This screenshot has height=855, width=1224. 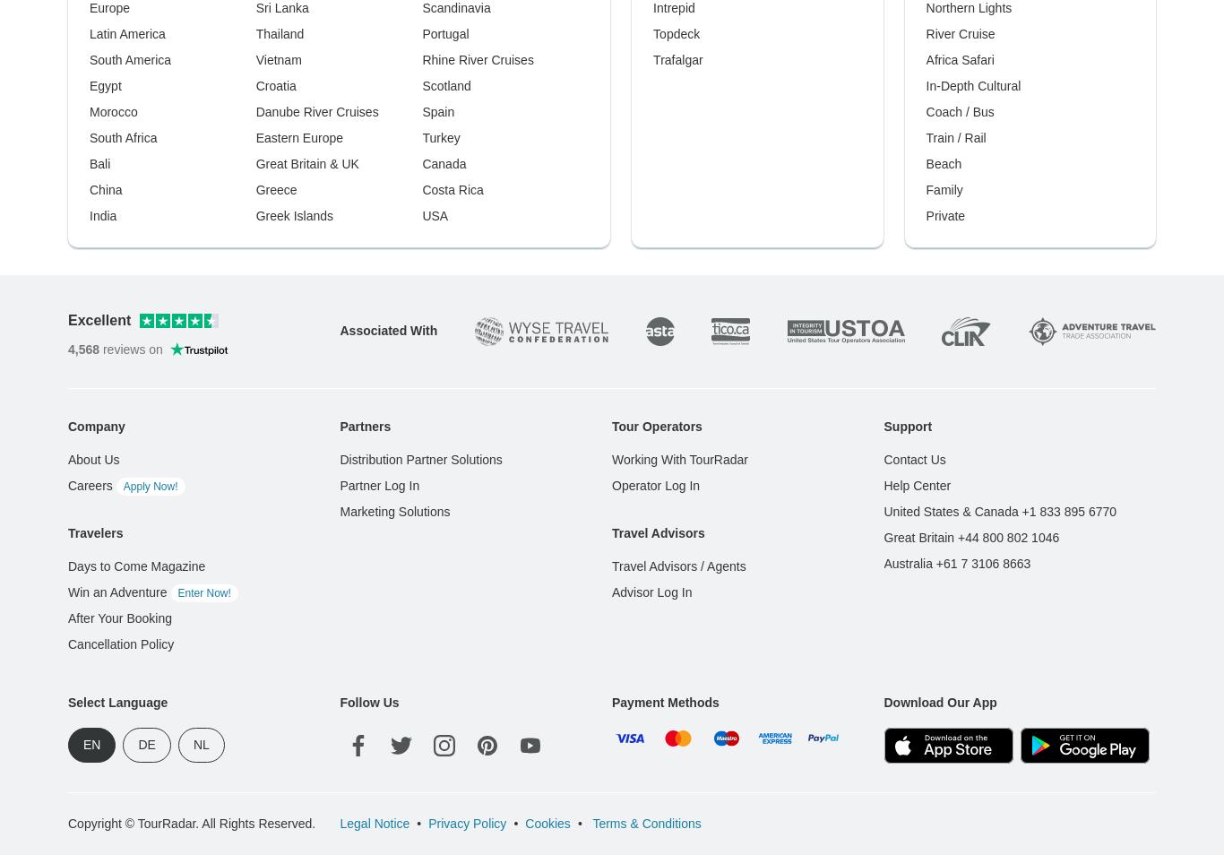 What do you see at coordinates (420, 458) in the screenshot?
I see `'Distribution Partner Solutions'` at bounding box center [420, 458].